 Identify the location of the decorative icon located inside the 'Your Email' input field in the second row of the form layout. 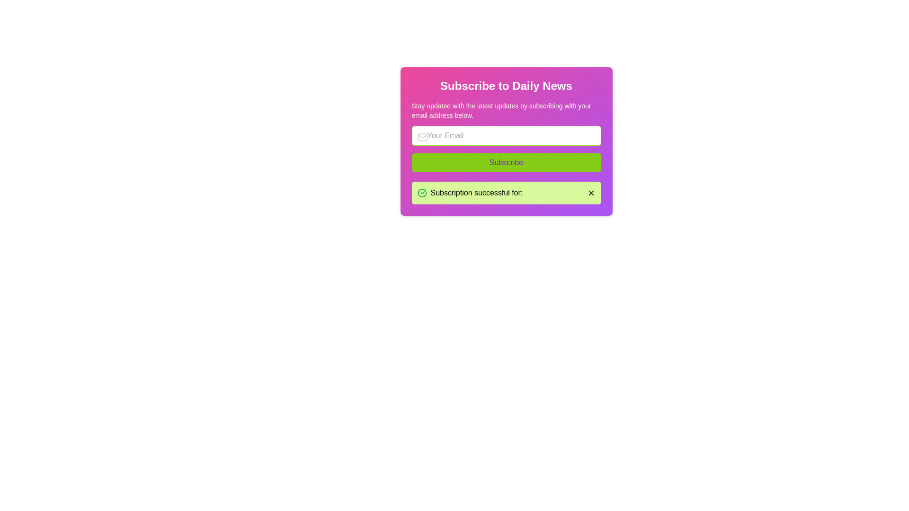
(422, 137).